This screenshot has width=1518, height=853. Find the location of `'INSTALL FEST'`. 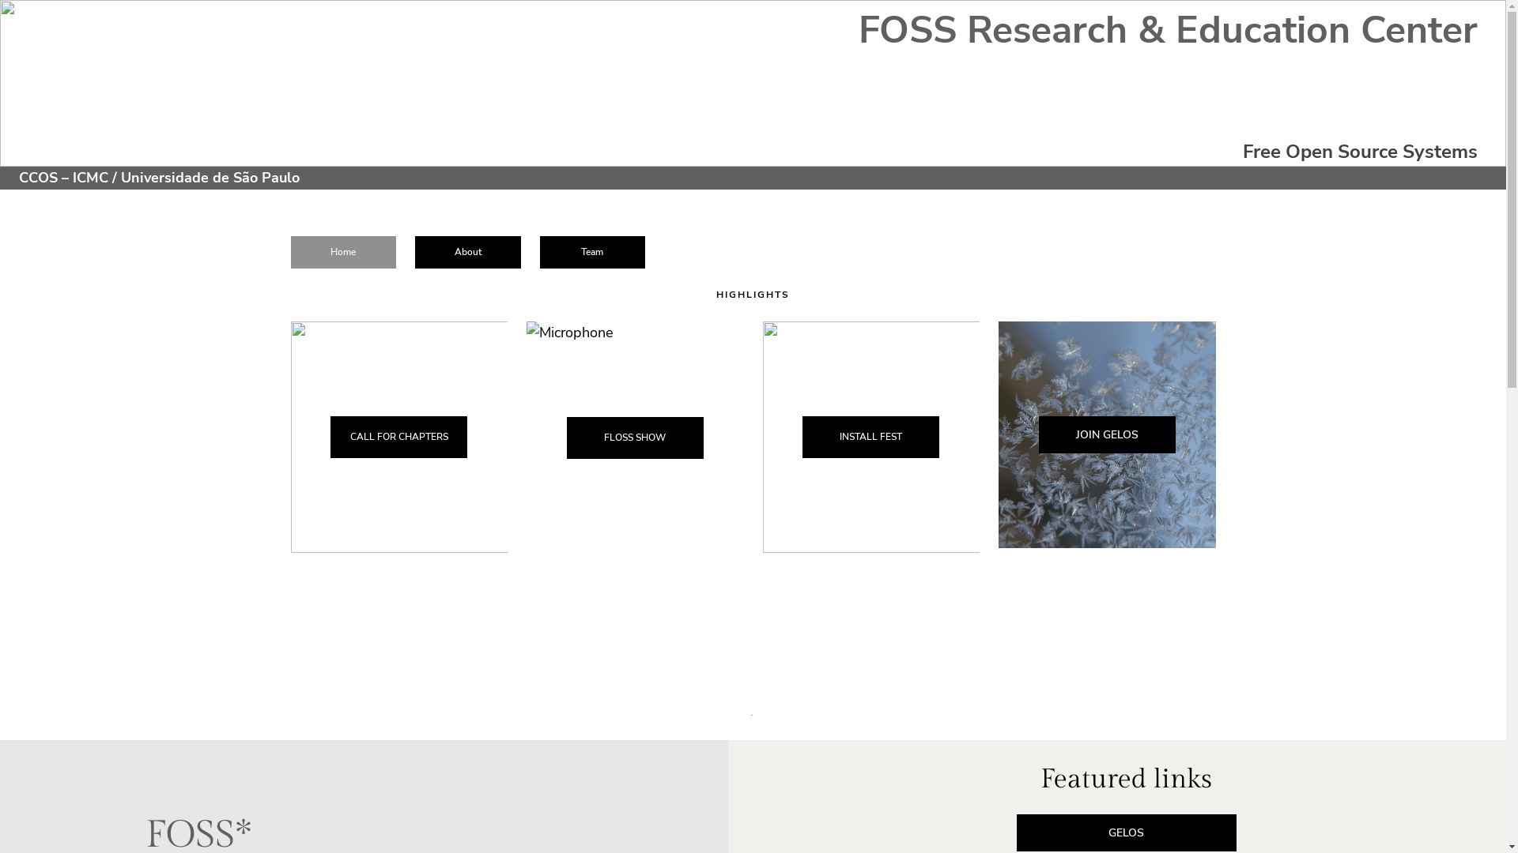

'INSTALL FEST' is located at coordinates (870, 437).